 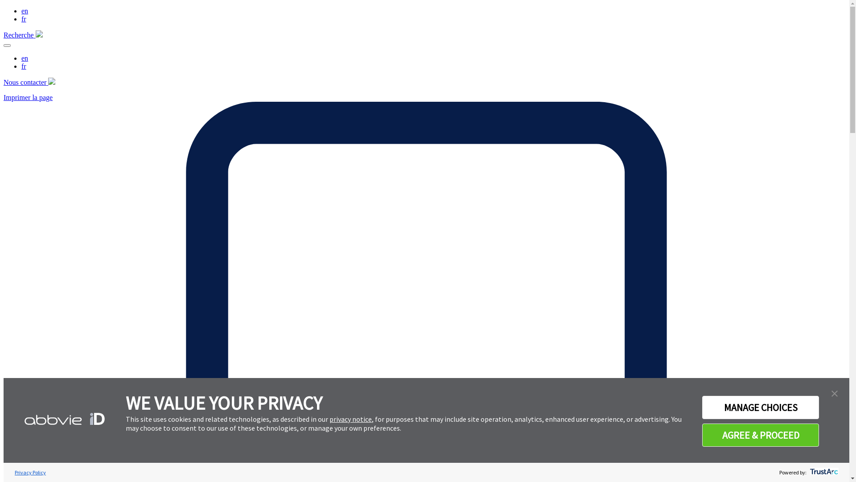 What do you see at coordinates (30, 472) in the screenshot?
I see `'Privacy Policy'` at bounding box center [30, 472].